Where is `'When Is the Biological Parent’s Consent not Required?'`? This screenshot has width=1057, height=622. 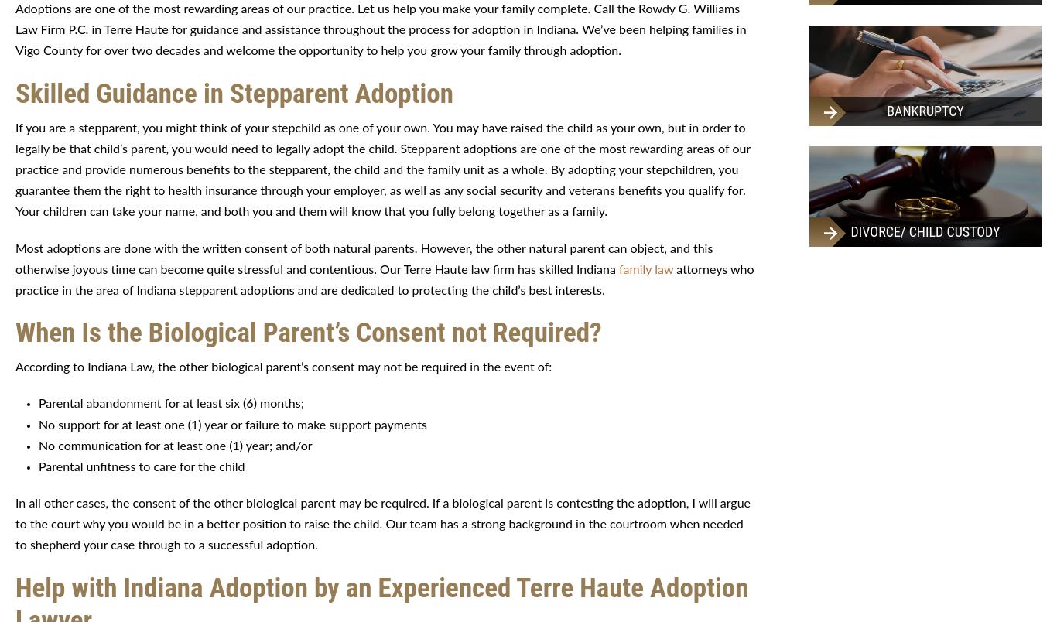 'When Is the Biological Parent’s Consent not Required?' is located at coordinates (15, 333).